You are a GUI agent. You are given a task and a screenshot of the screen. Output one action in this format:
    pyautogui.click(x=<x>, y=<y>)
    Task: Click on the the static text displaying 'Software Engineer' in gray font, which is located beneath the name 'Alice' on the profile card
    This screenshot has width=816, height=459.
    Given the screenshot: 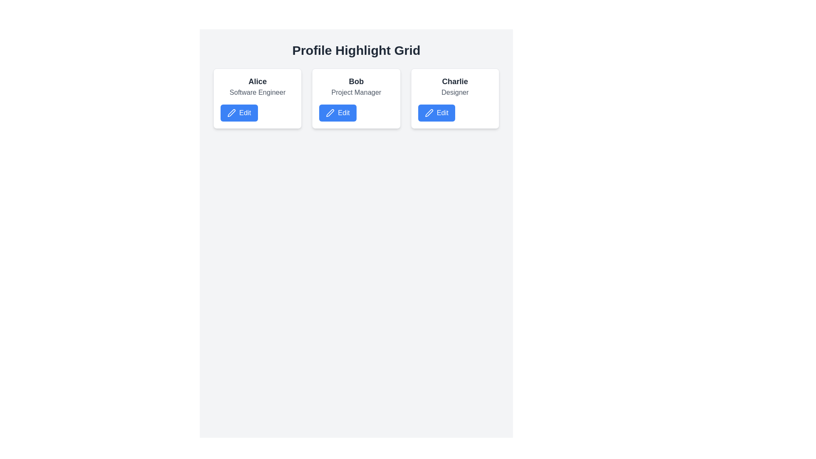 What is the action you would take?
    pyautogui.click(x=257, y=93)
    